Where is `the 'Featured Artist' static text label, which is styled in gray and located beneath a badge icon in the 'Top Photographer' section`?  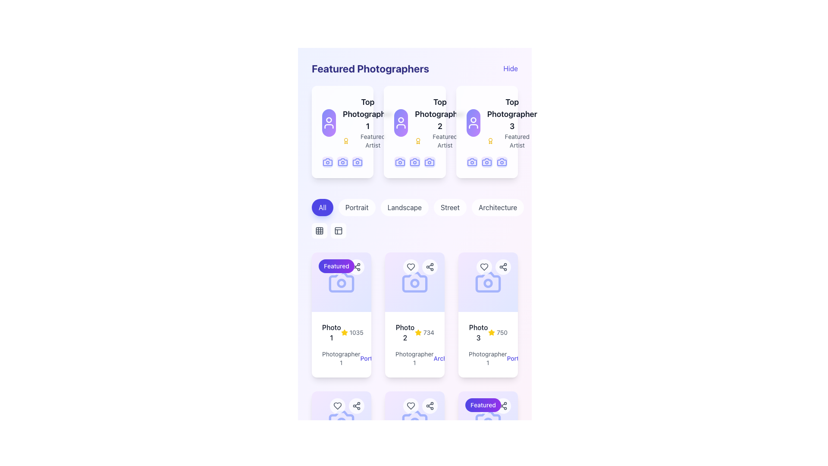
the 'Featured Artist' static text label, which is styled in gray and located beneath a badge icon in the 'Top Photographer' section is located at coordinates (445, 141).